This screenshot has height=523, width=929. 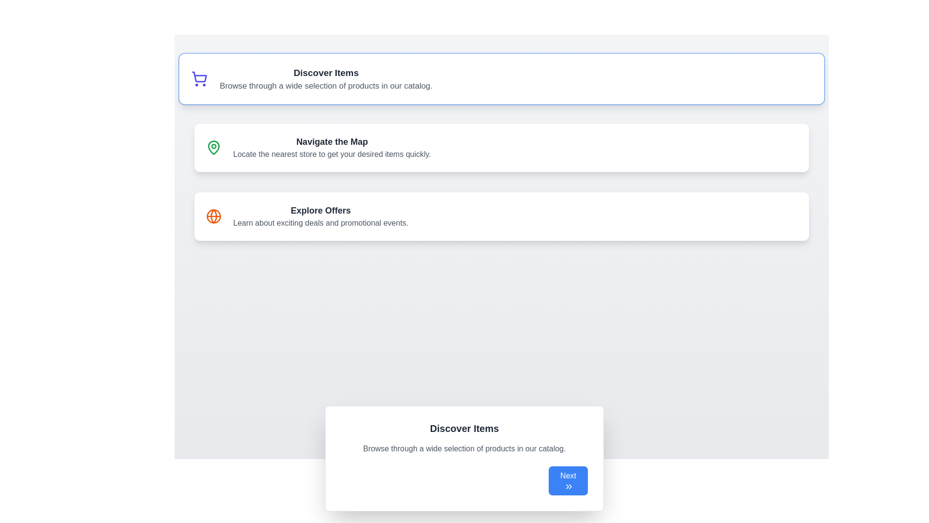 What do you see at coordinates (569, 487) in the screenshot?
I see `the double-chevron right arrow icon located within the blue 'Next' button, which is aligned to the right side of the button's text label` at bounding box center [569, 487].